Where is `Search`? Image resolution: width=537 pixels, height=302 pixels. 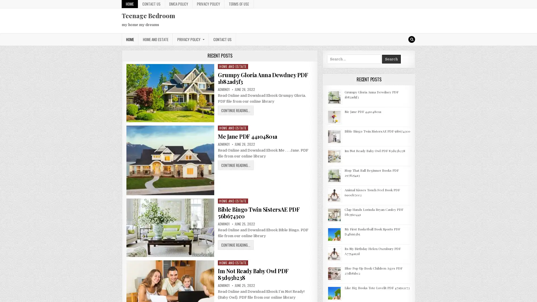
Search is located at coordinates (391, 59).